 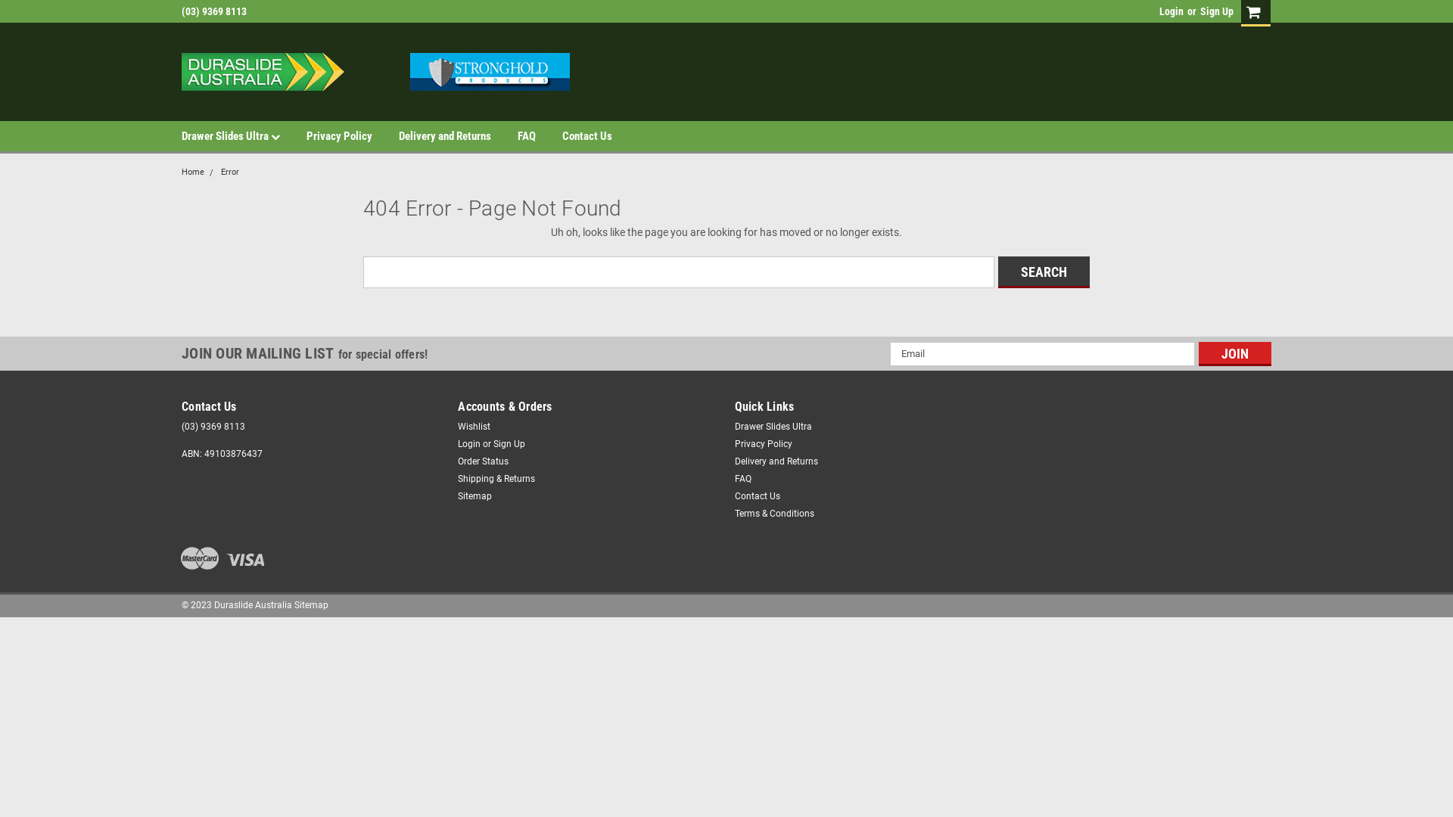 What do you see at coordinates (351, 136) in the screenshot?
I see `'Privacy Policy'` at bounding box center [351, 136].